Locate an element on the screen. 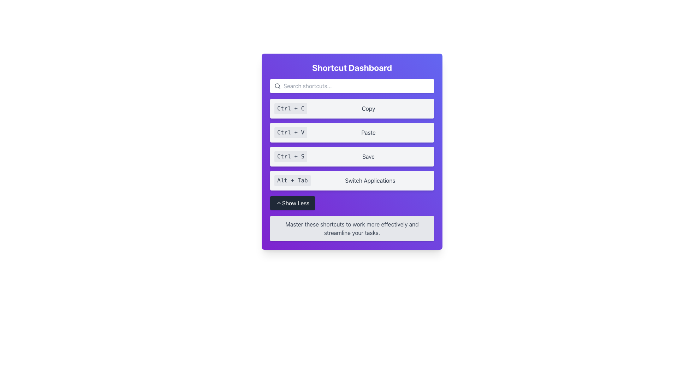 The height and width of the screenshot is (381, 678). the Informational bar displaying 'Alt + Tab' and 'Switch Applications', which is the fourth item in the list of shortcut descriptions is located at coordinates (352, 180).